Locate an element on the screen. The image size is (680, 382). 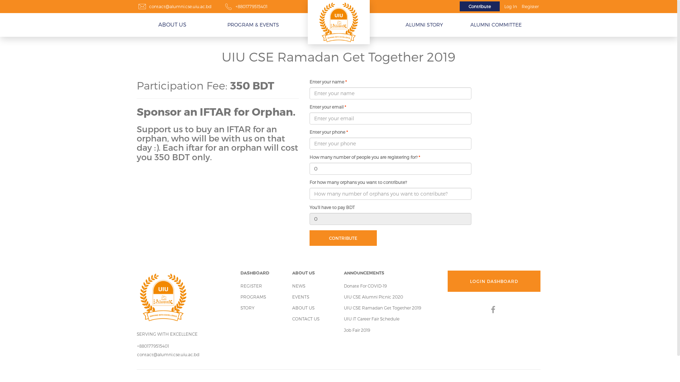
'ABOUT US' is located at coordinates (303, 307).